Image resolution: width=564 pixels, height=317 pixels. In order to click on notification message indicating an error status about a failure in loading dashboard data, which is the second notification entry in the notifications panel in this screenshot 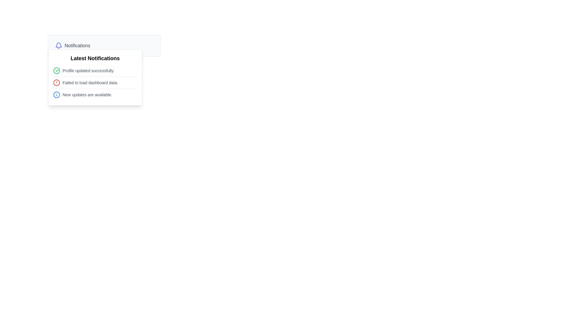, I will do `click(95, 82)`.